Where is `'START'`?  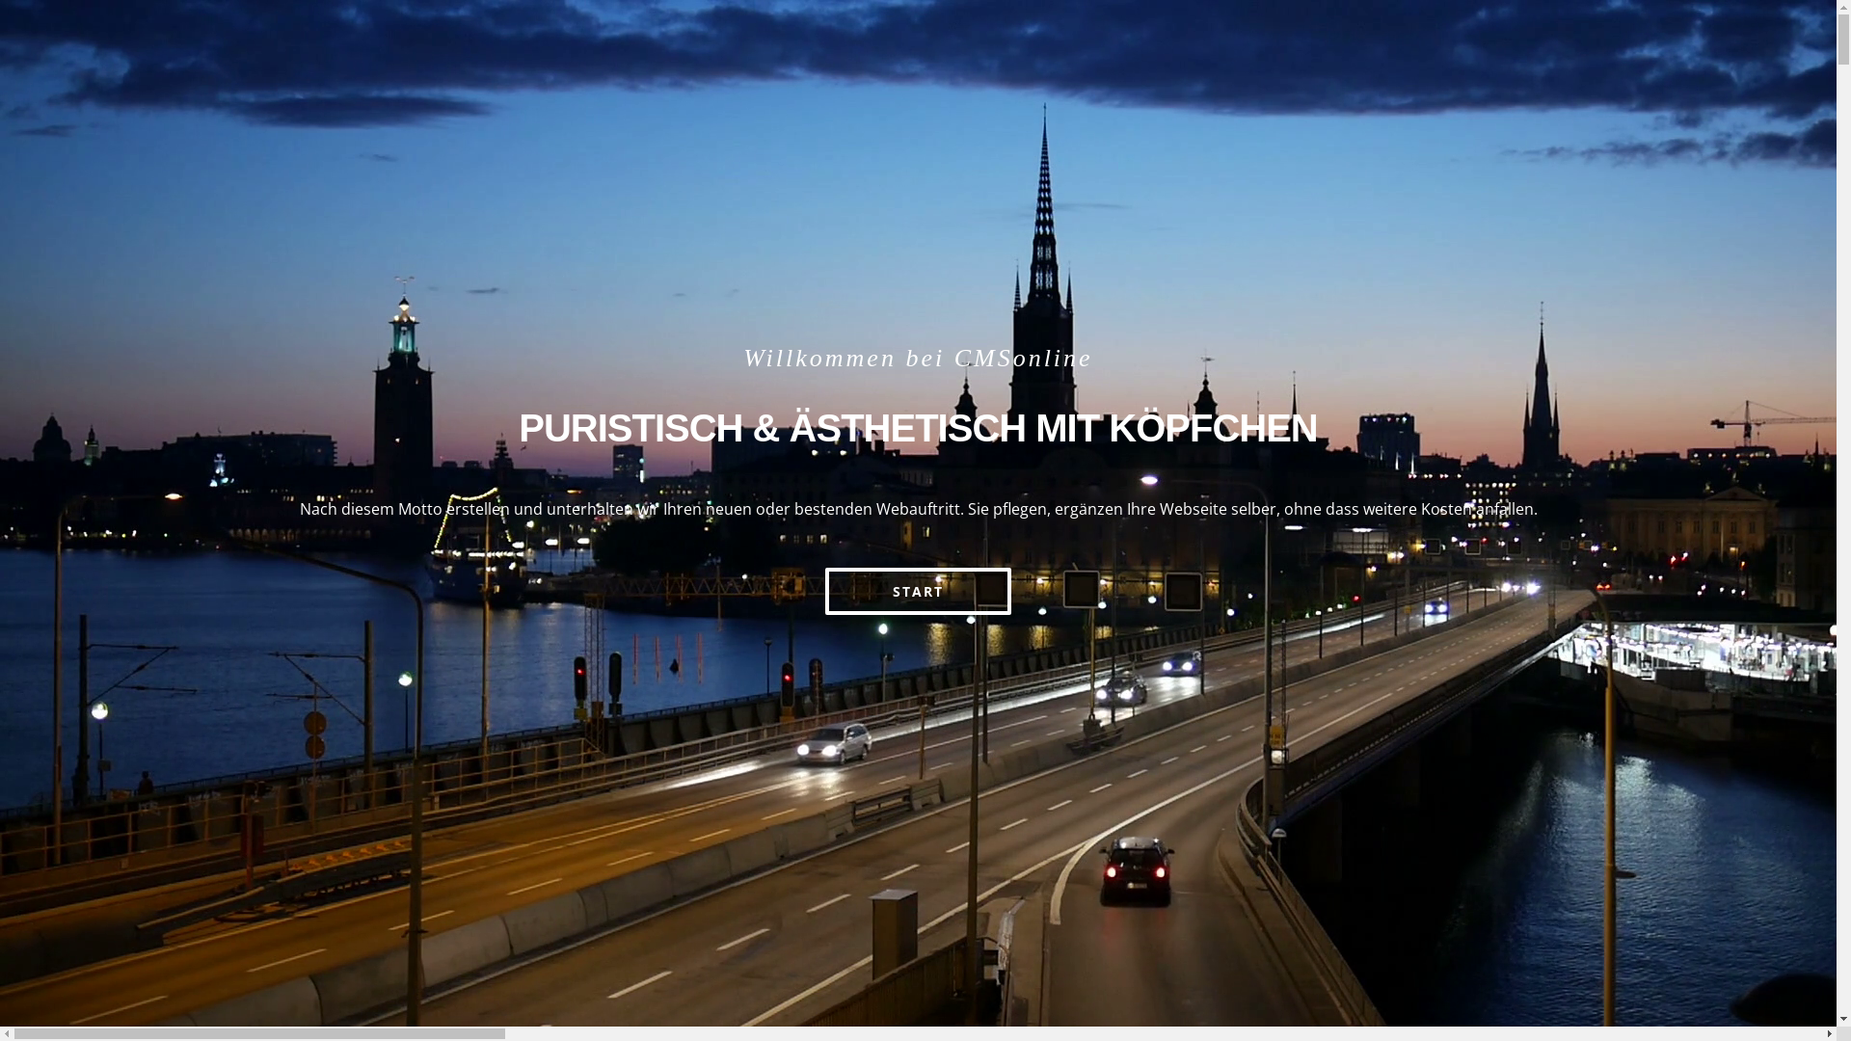 'START' is located at coordinates (917, 589).